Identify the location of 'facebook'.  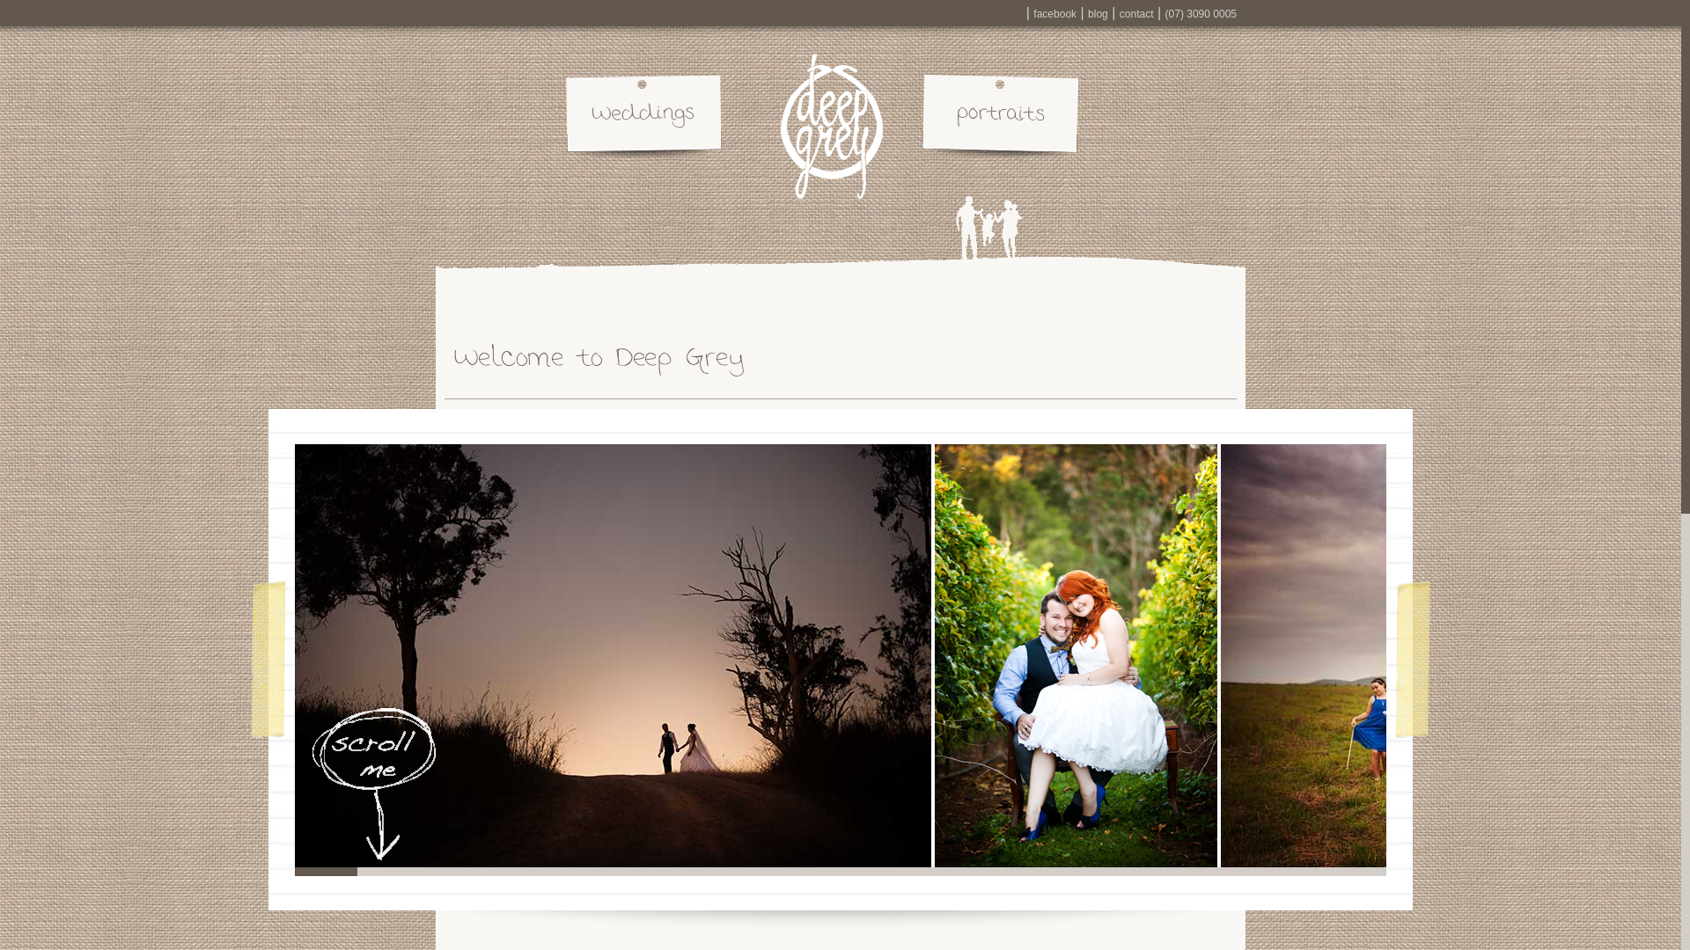
(1054, 13).